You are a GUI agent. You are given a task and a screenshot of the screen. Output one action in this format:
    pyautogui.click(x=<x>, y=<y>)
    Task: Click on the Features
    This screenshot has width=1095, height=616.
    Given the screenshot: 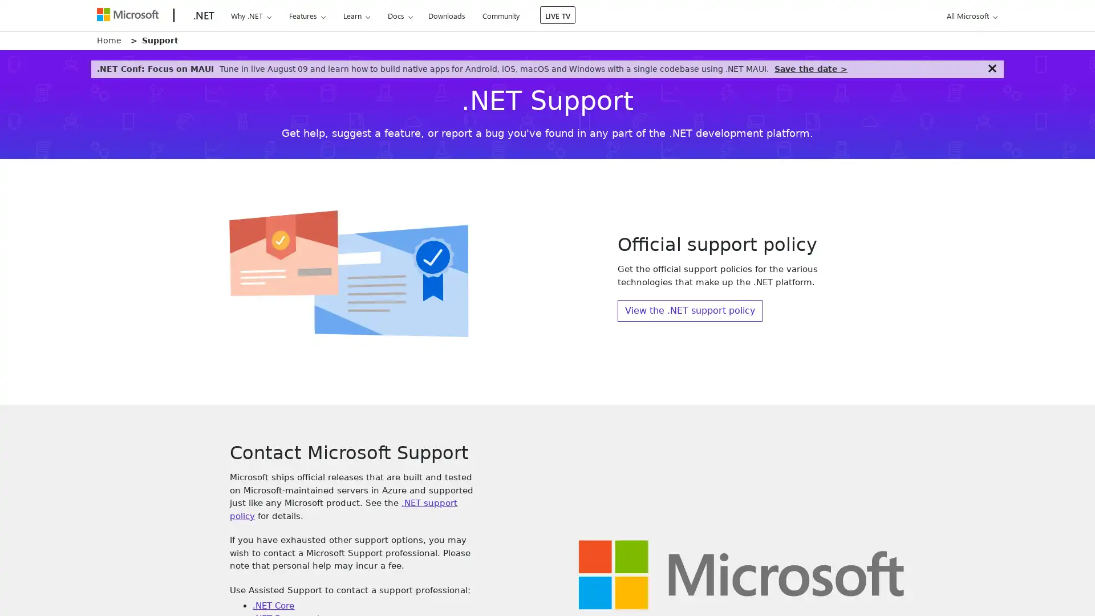 What is the action you would take?
    pyautogui.click(x=307, y=15)
    